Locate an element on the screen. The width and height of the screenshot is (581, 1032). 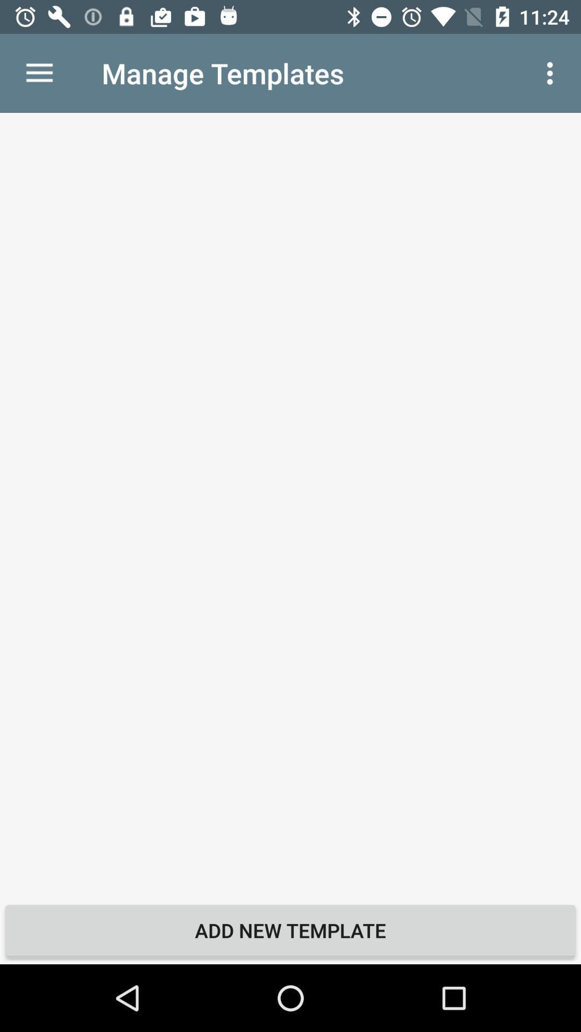
the add new template is located at coordinates (290, 930).